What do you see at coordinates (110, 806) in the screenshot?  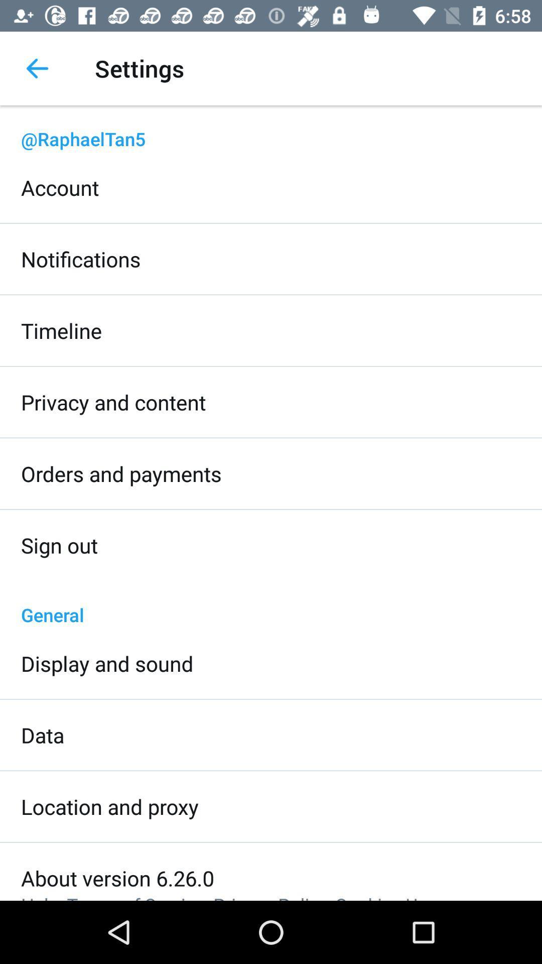 I see `the icon below the data` at bounding box center [110, 806].